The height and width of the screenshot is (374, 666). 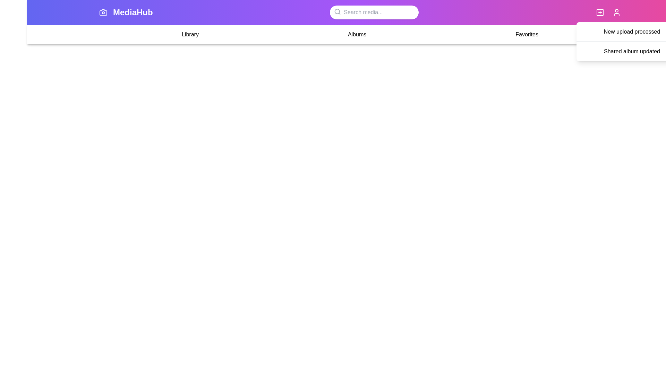 What do you see at coordinates (190, 35) in the screenshot?
I see `the 'Library' menu item to view the media library` at bounding box center [190, 35].